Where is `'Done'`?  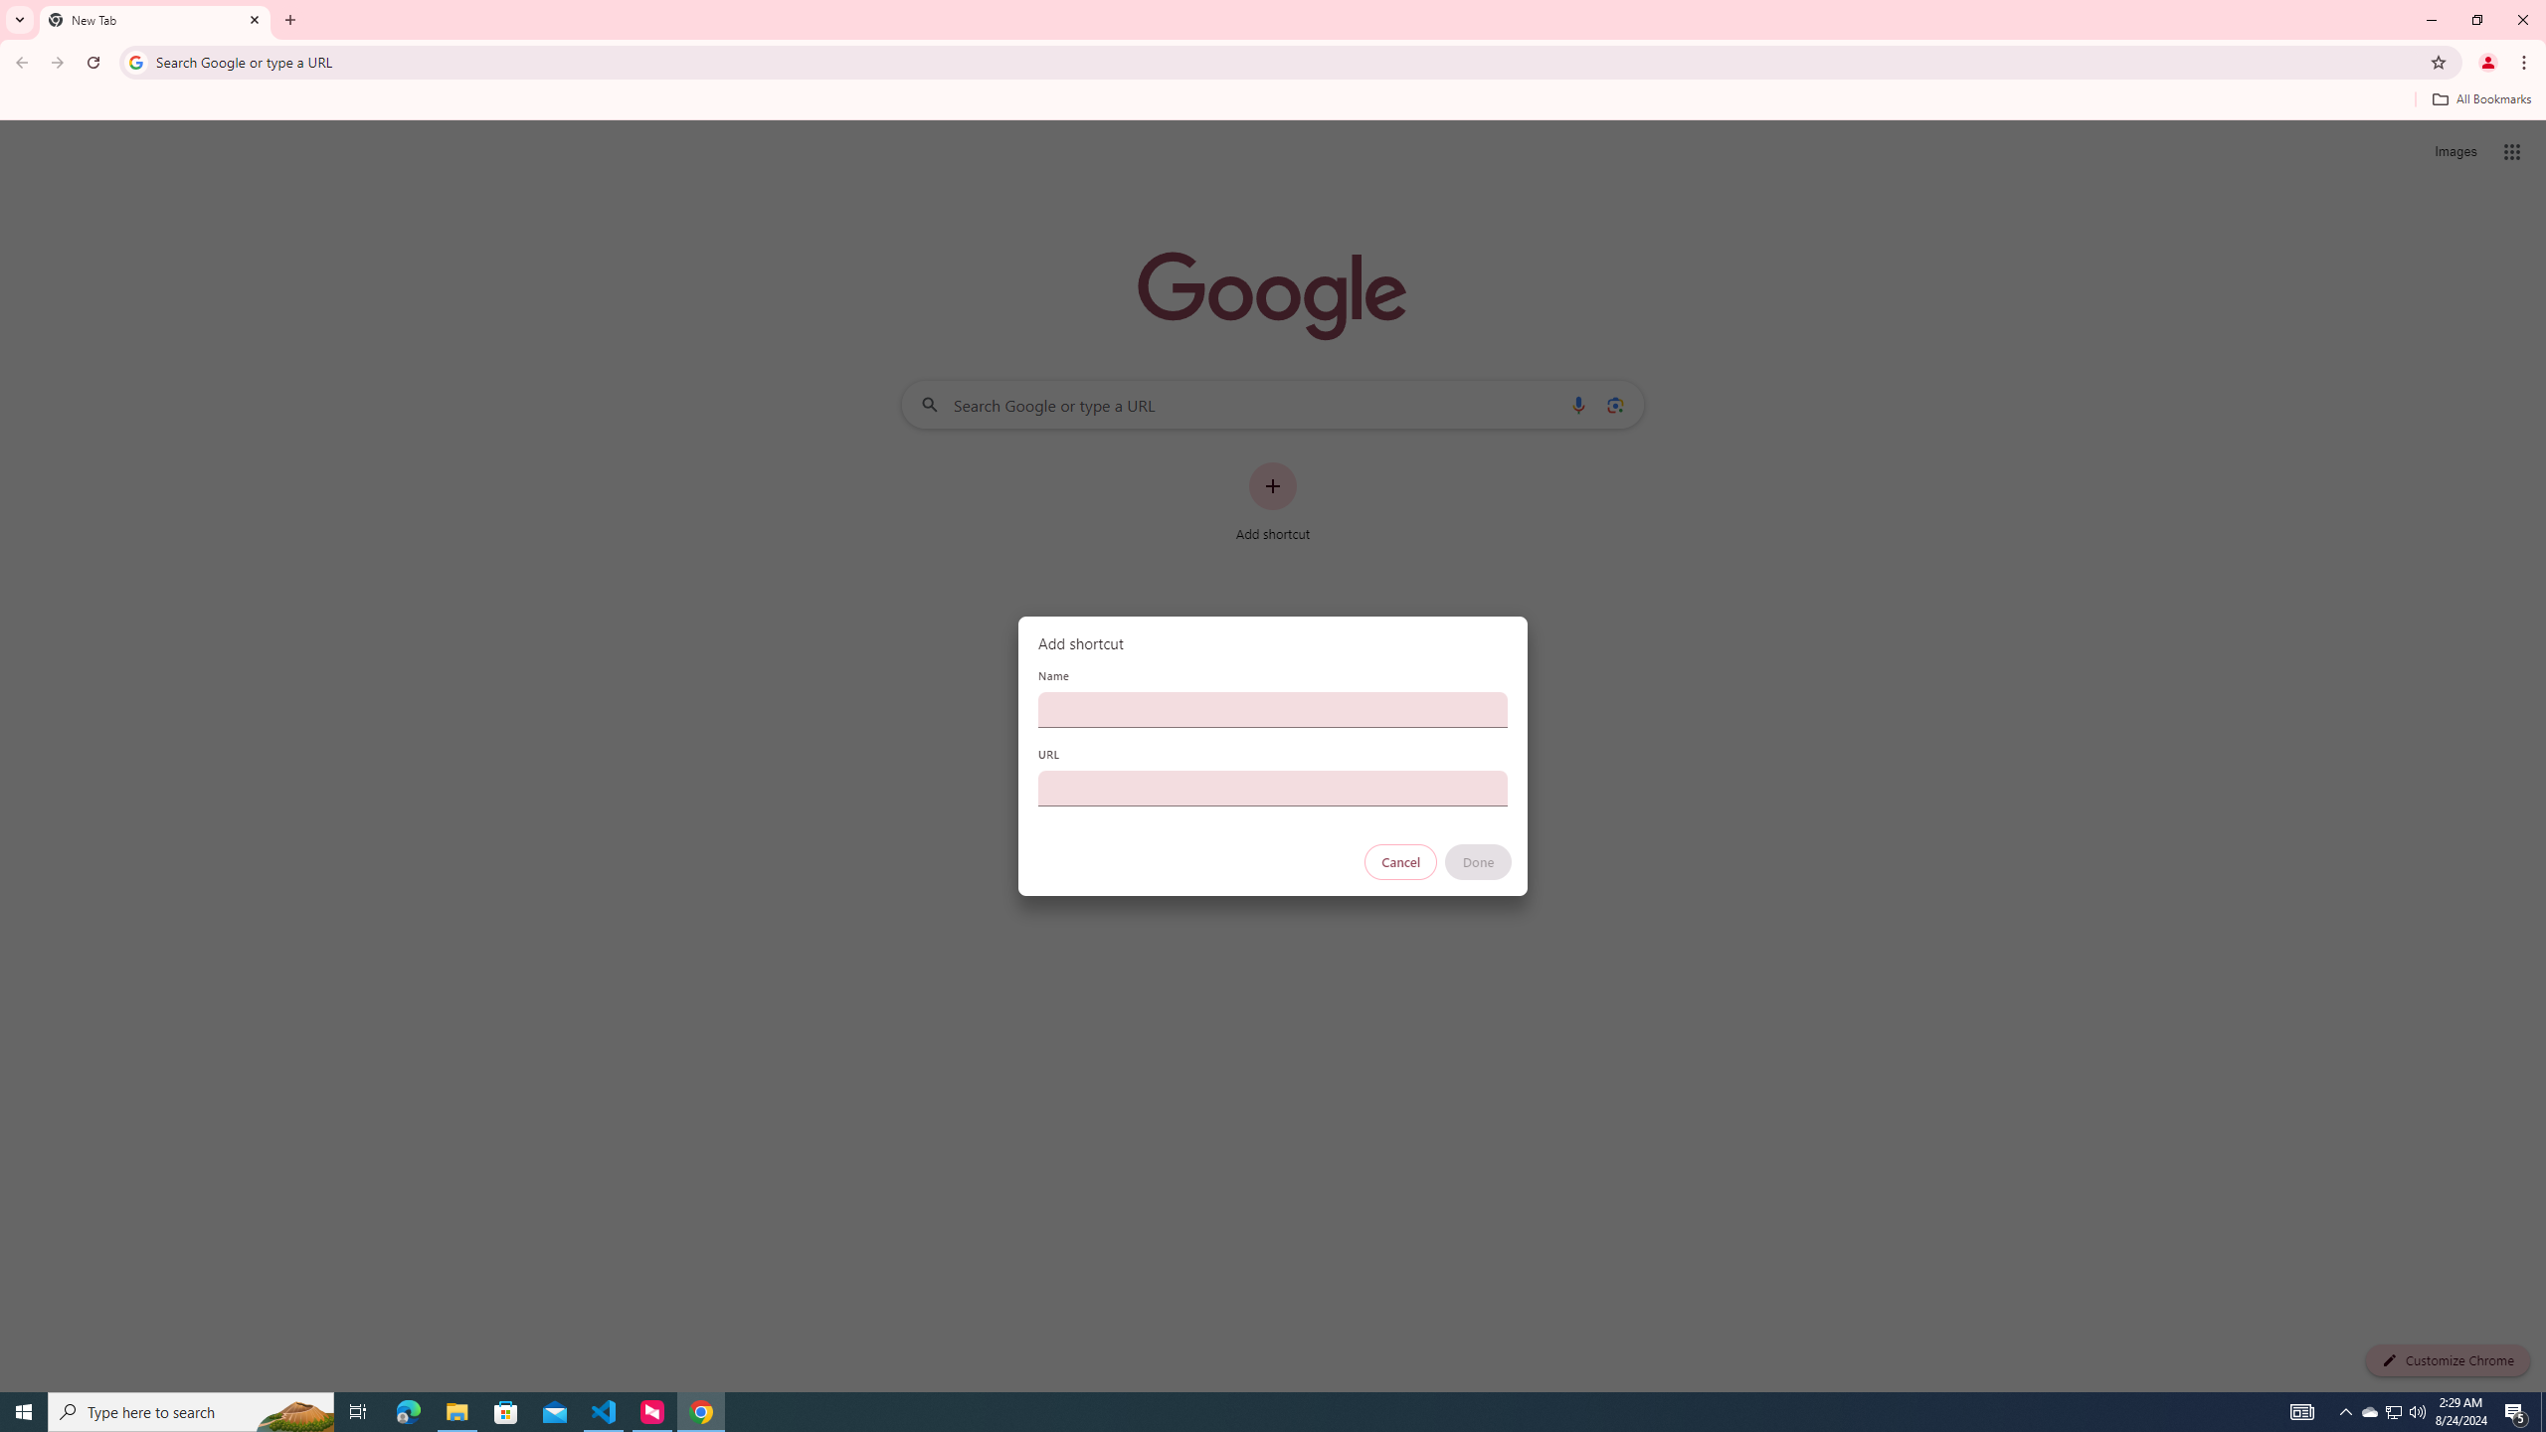
'Done' is located at coordinates (1479, 861).